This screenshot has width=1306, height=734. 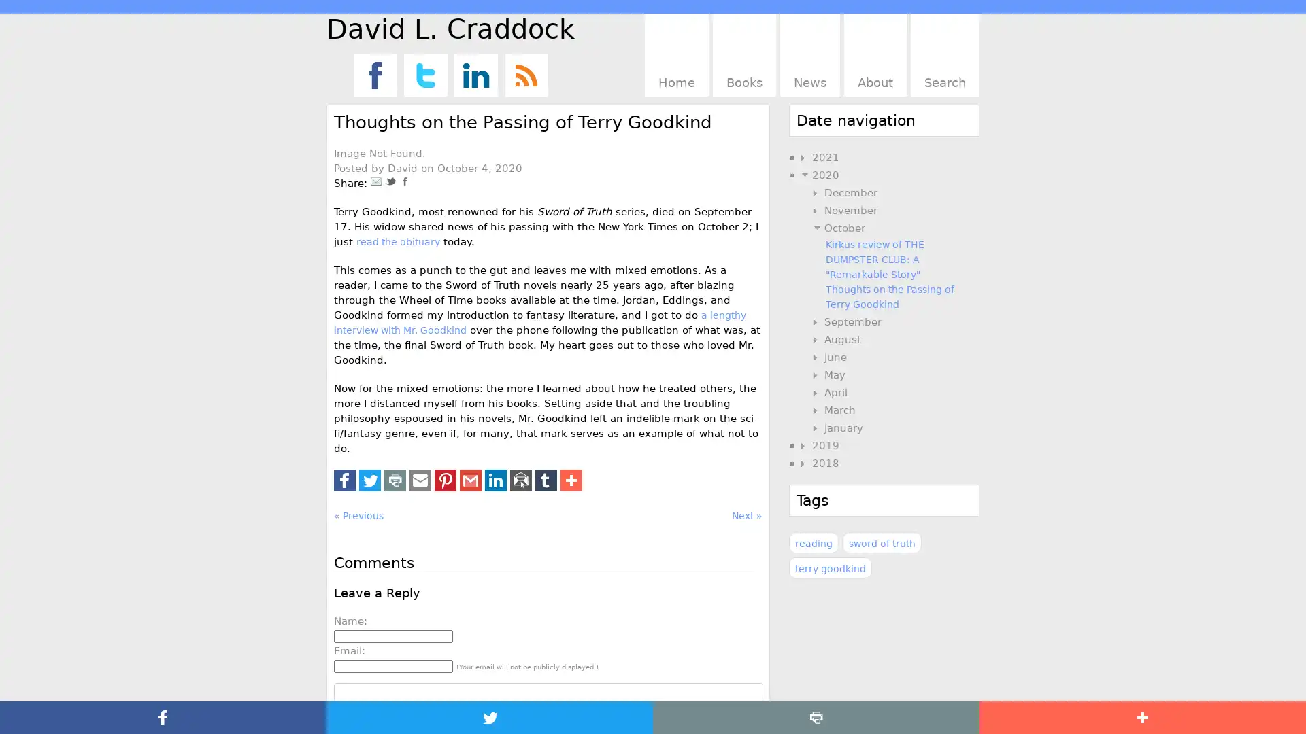 I want to click on Share to More, so click(x=571, y=479).